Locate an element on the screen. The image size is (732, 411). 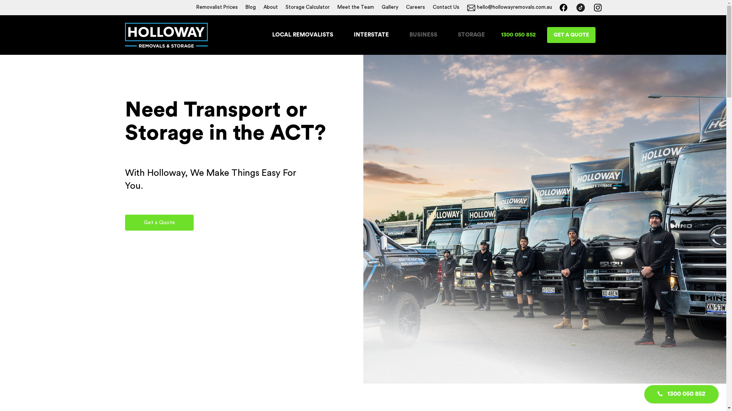
'hello@hollowayremovals.com.au' is located at coordinates (509, 7).